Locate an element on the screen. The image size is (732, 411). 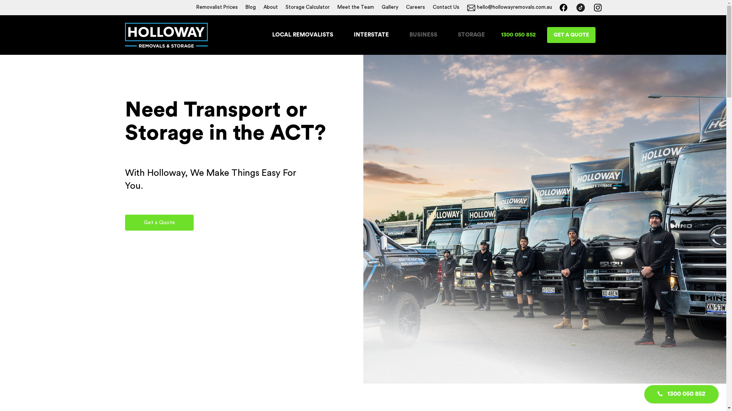
'hello@hollowayremovals.com.au' is located at coordinates (509, 7).